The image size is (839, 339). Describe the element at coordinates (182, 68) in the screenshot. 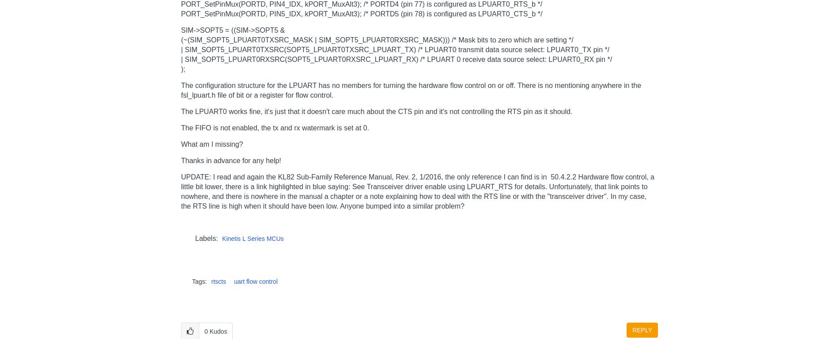

I see `');'` at that location.